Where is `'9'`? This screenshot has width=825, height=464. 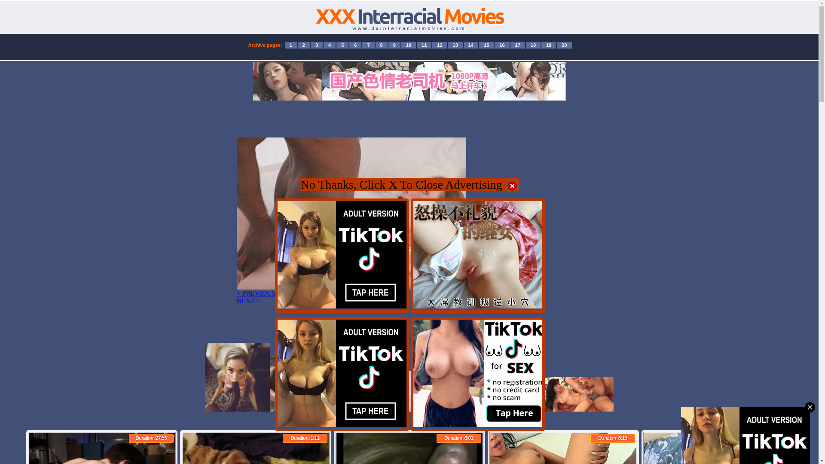 '9' is located at coordinates (394, 45).